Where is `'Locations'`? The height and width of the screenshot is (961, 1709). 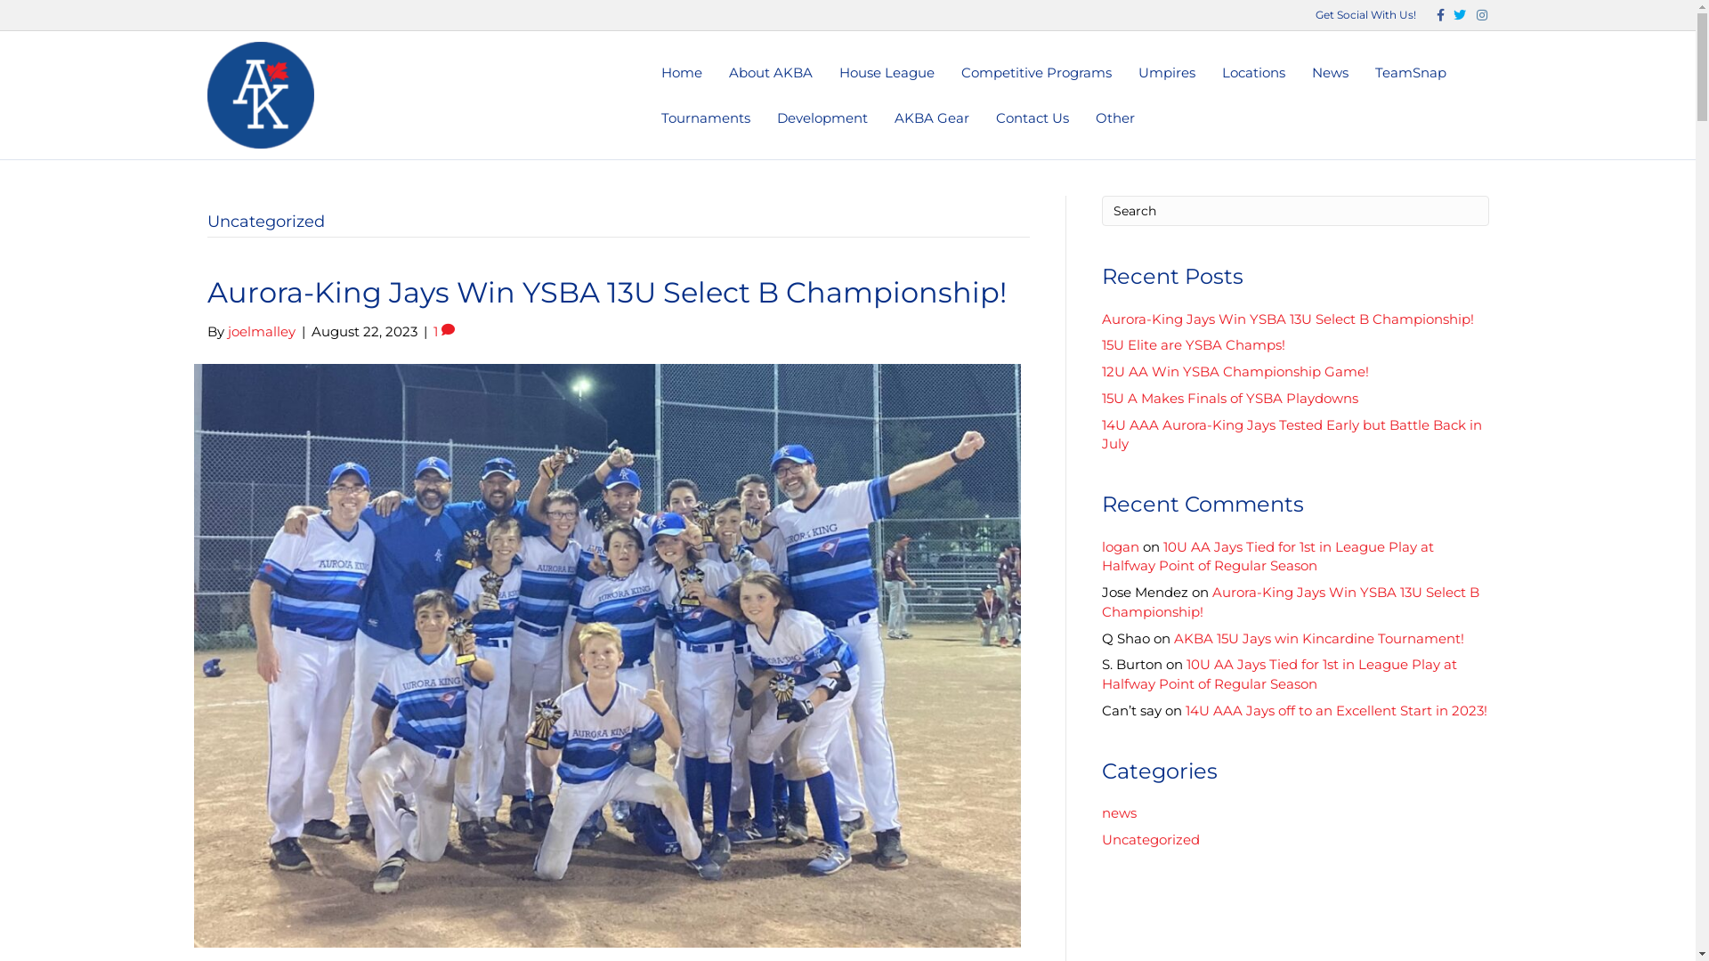 'Locations' is located at coordinates (1209, 71).